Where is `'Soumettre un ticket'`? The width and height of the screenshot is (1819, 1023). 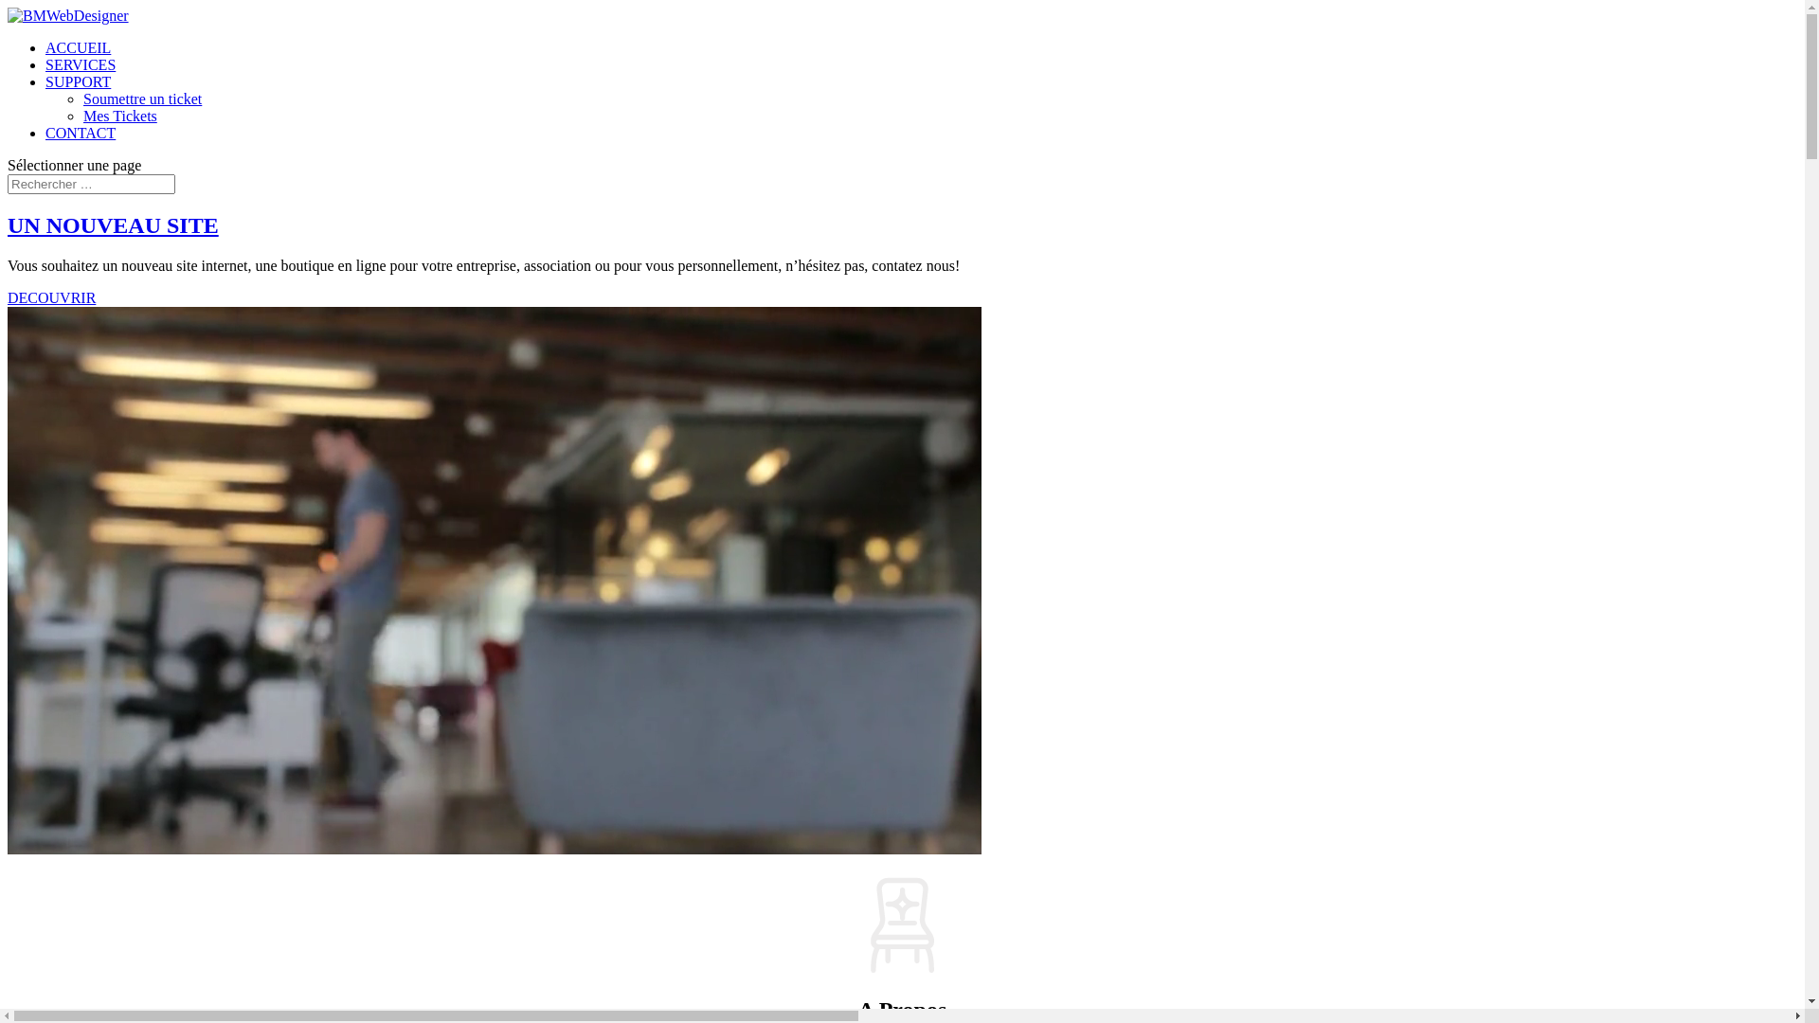 'Soumettre un ticket' is located at coordinates (141, 99).